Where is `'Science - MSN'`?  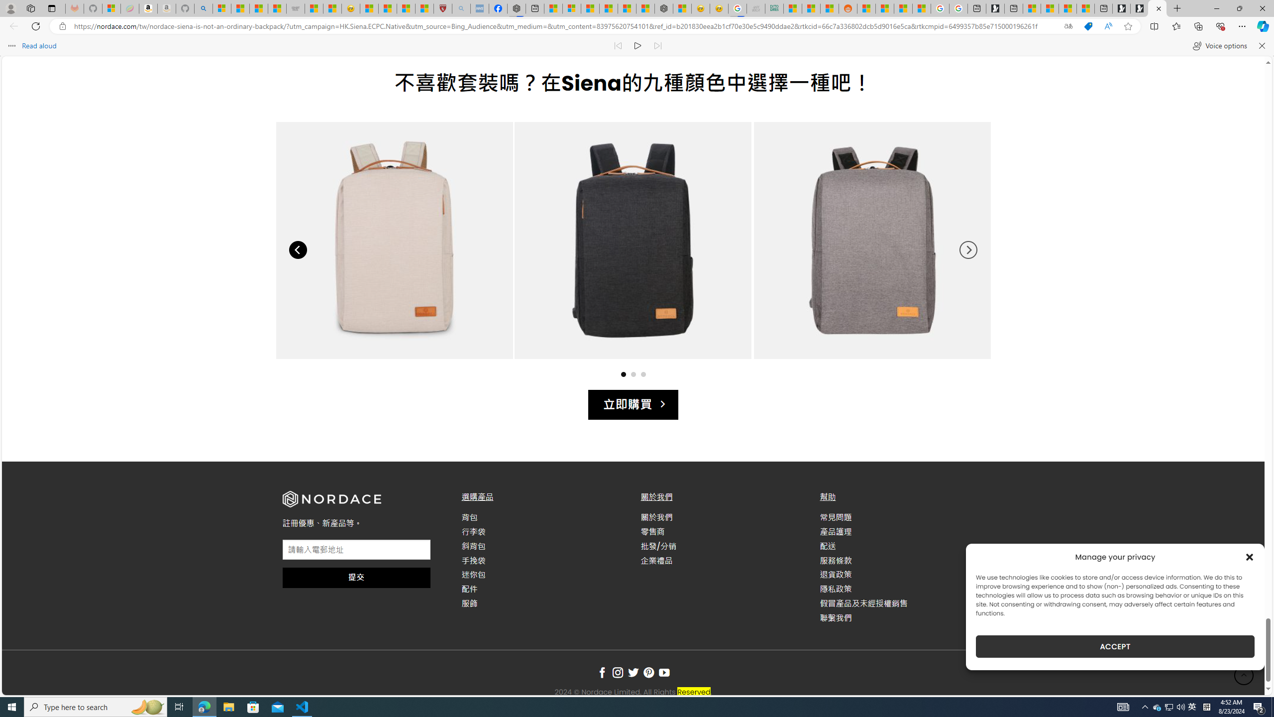 'Science - MSN' is located at coordinates (406, 8).